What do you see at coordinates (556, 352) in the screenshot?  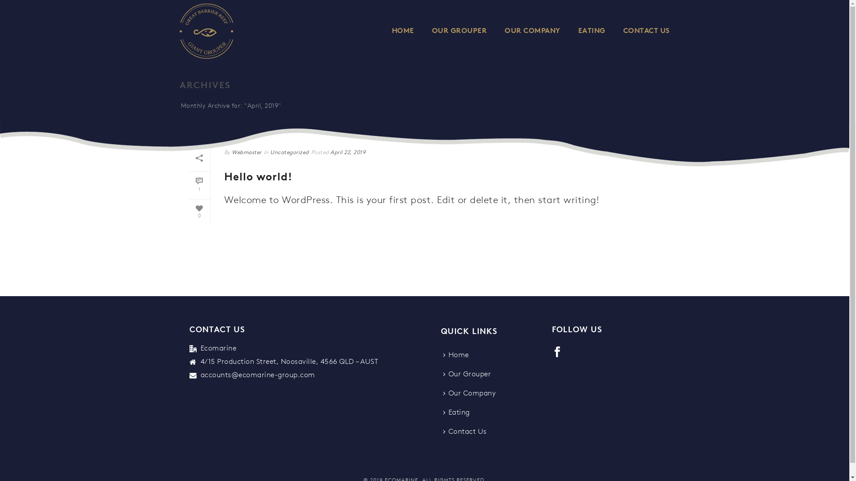 I see `'Follow Us on facebook'` at bounding box center [556, 352].